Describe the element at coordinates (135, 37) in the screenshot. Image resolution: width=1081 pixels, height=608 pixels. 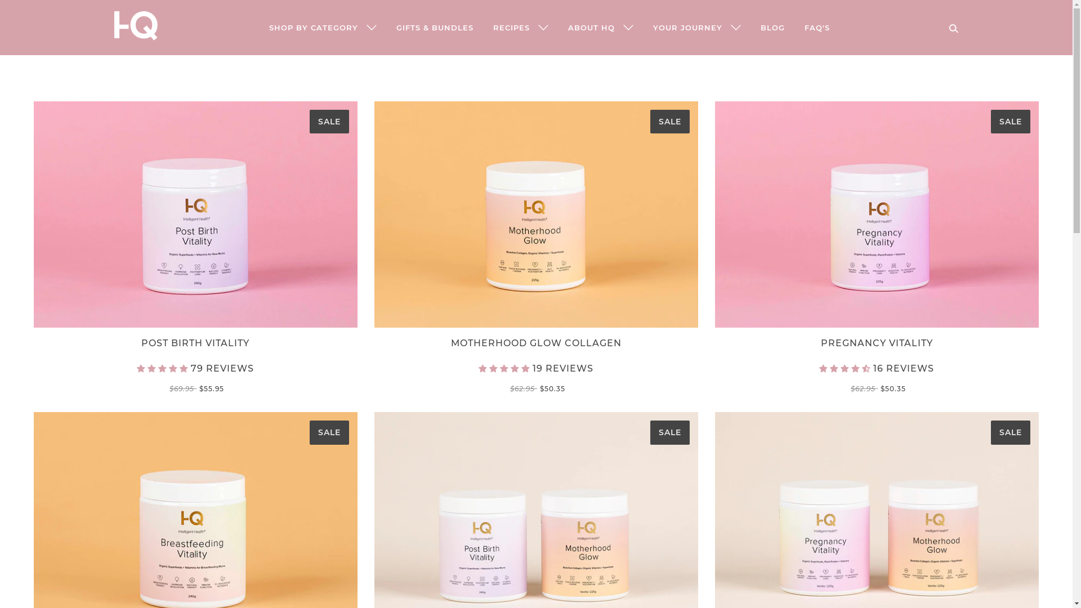
I see `'HQ | Intelligent Health'` at that location.